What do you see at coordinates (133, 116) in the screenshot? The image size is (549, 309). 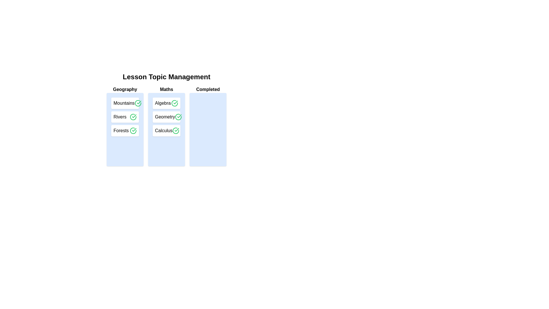 I see `checkmark button next to the topic Rivers to transfer it to the 'Completed' list` at bounding box center [133, 116].